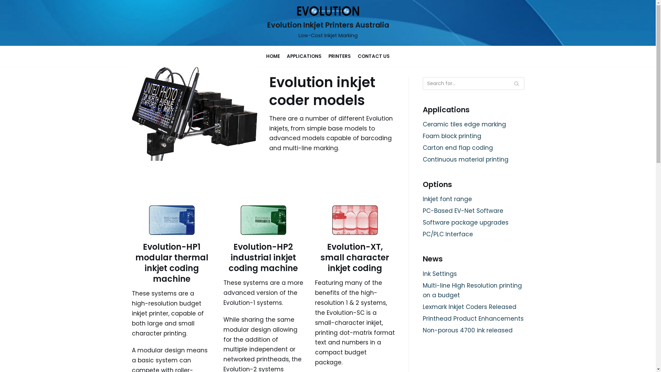 This screenshot has width=661, height=372. Describe the element at coordinates (373, 56) in the screenshot. I see `'CONTACT US'` at that location.